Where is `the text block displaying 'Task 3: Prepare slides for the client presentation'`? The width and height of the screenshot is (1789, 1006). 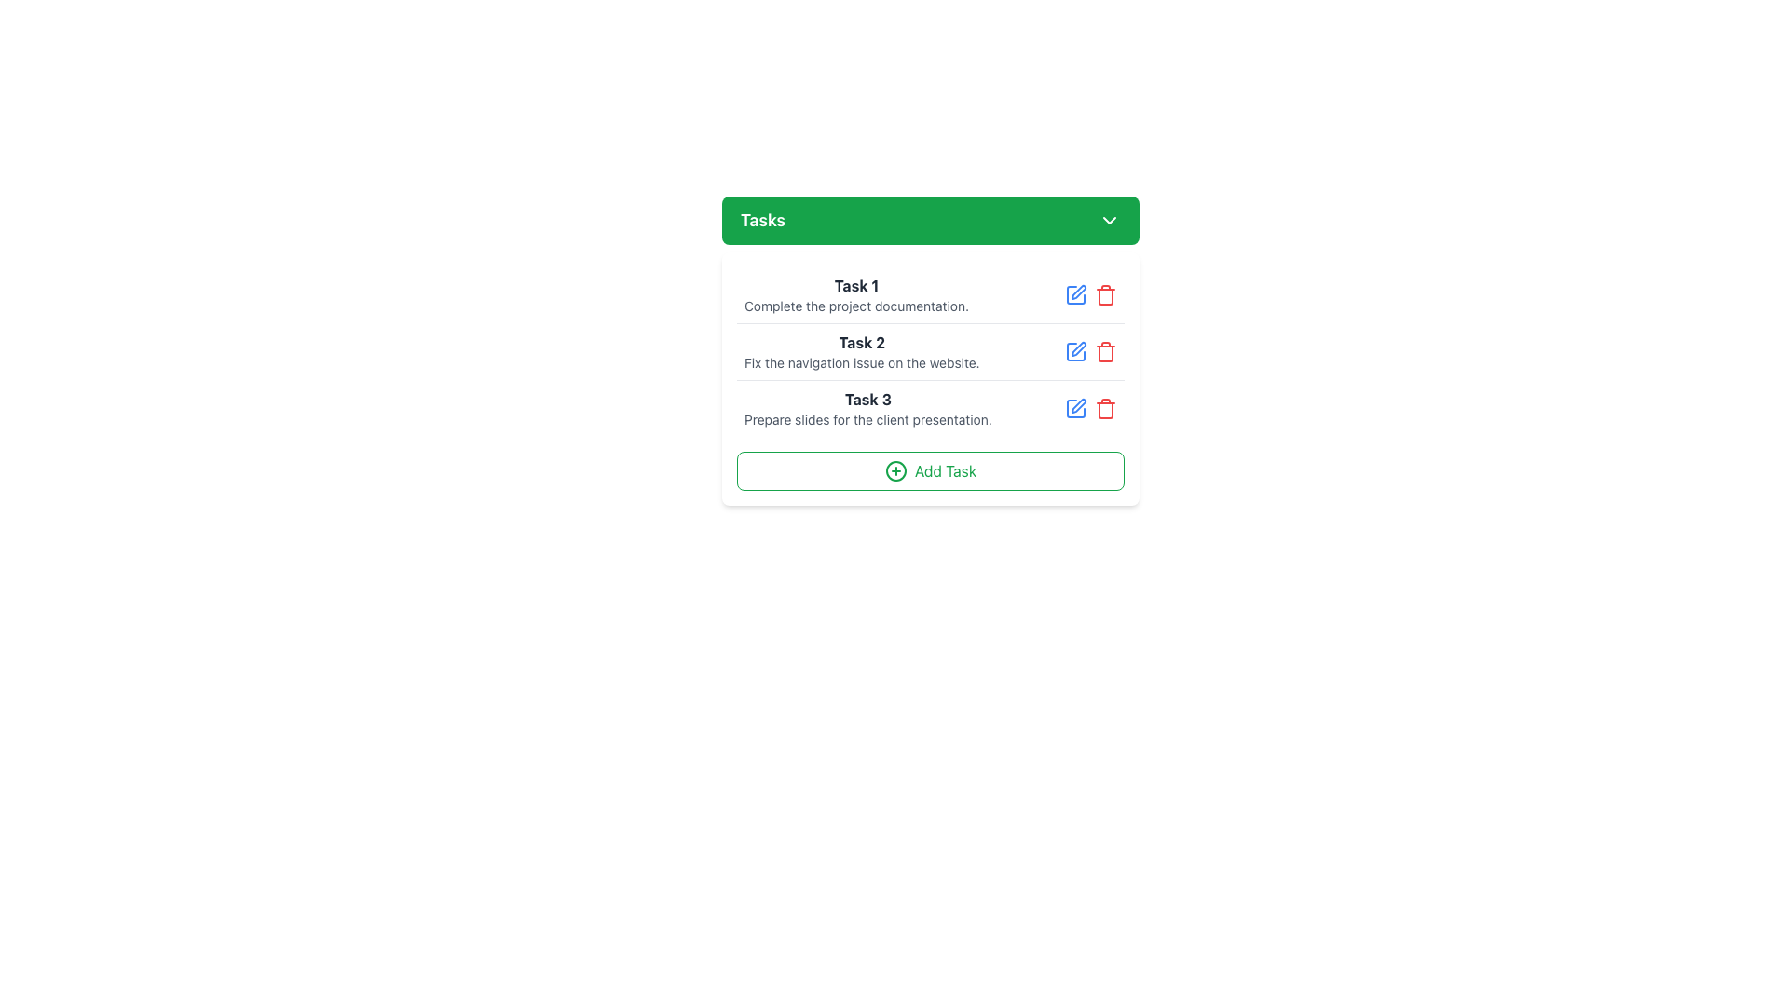
the text block displaying 'Task 3: Prepare slides for the client presentation' is located at coordinates (867, 408).